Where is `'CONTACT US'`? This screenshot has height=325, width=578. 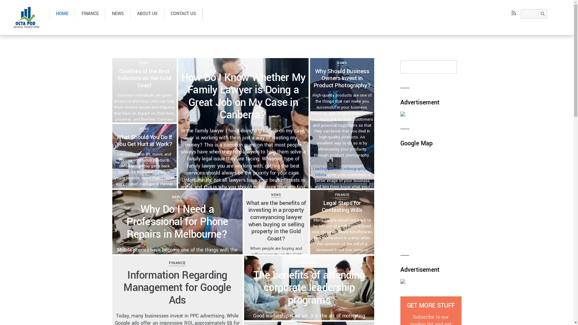 'CONTACT US' is located at coordinates (183, 13).